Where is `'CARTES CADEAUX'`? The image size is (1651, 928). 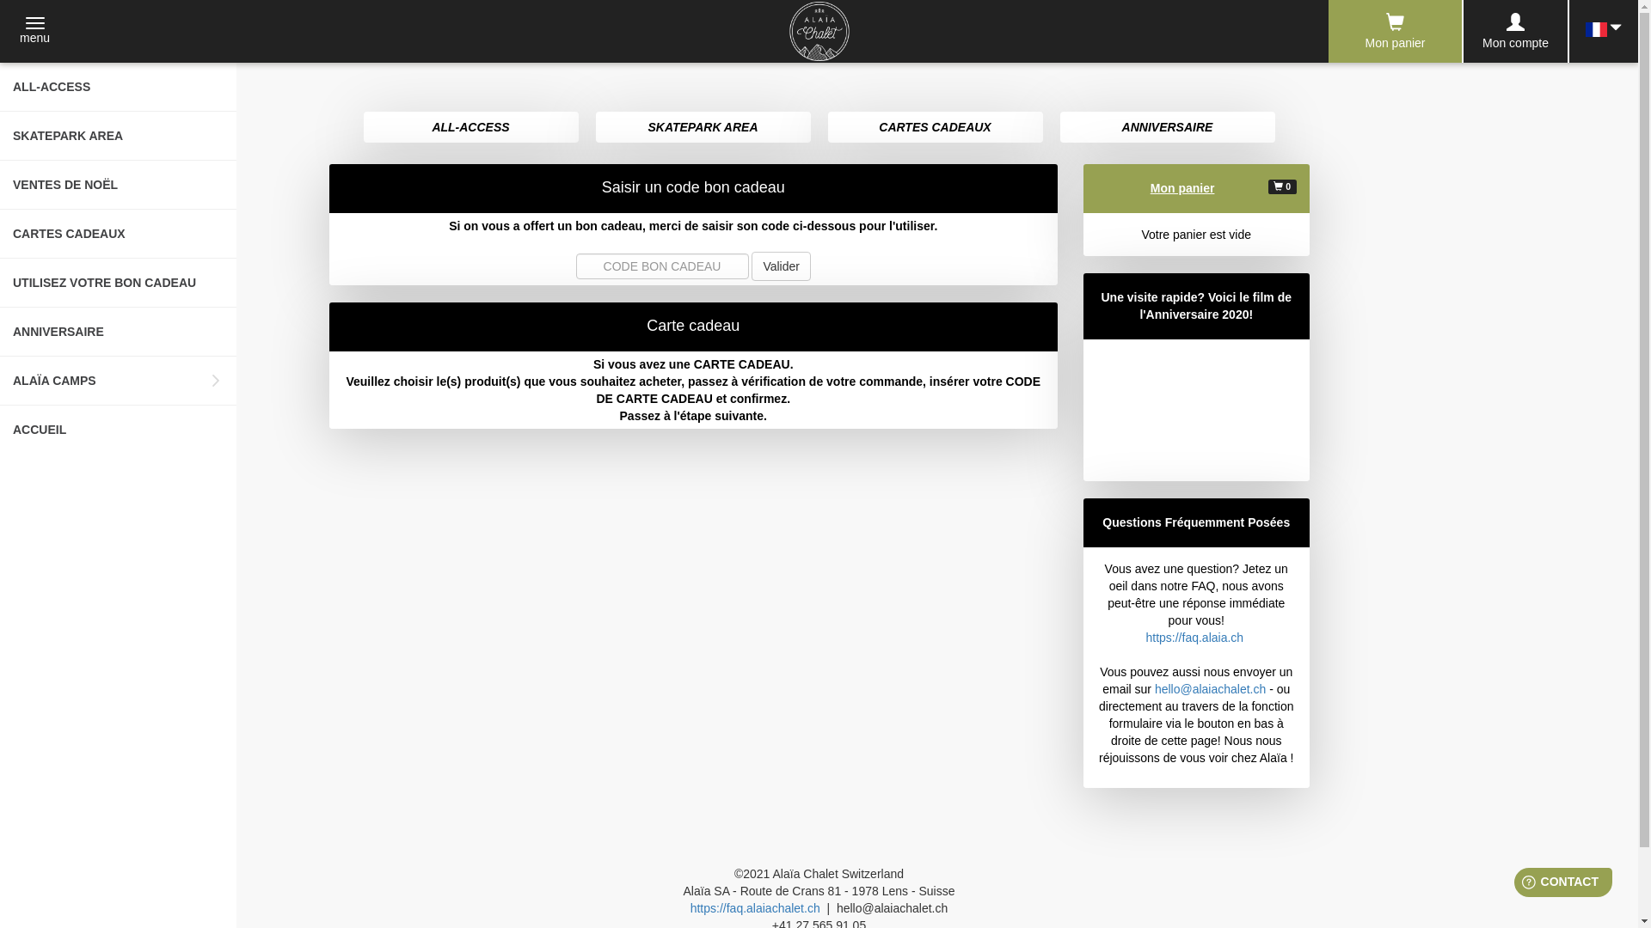 'CARTES CADEAUX' is located at coordinates (933, 125).